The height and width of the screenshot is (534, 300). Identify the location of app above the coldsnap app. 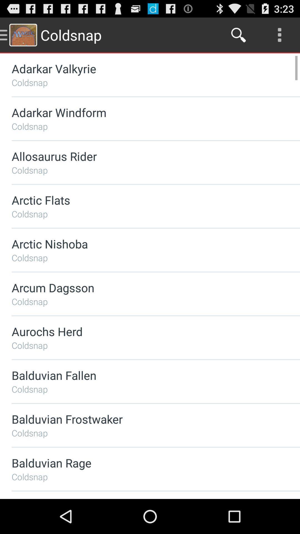
(141, 331).